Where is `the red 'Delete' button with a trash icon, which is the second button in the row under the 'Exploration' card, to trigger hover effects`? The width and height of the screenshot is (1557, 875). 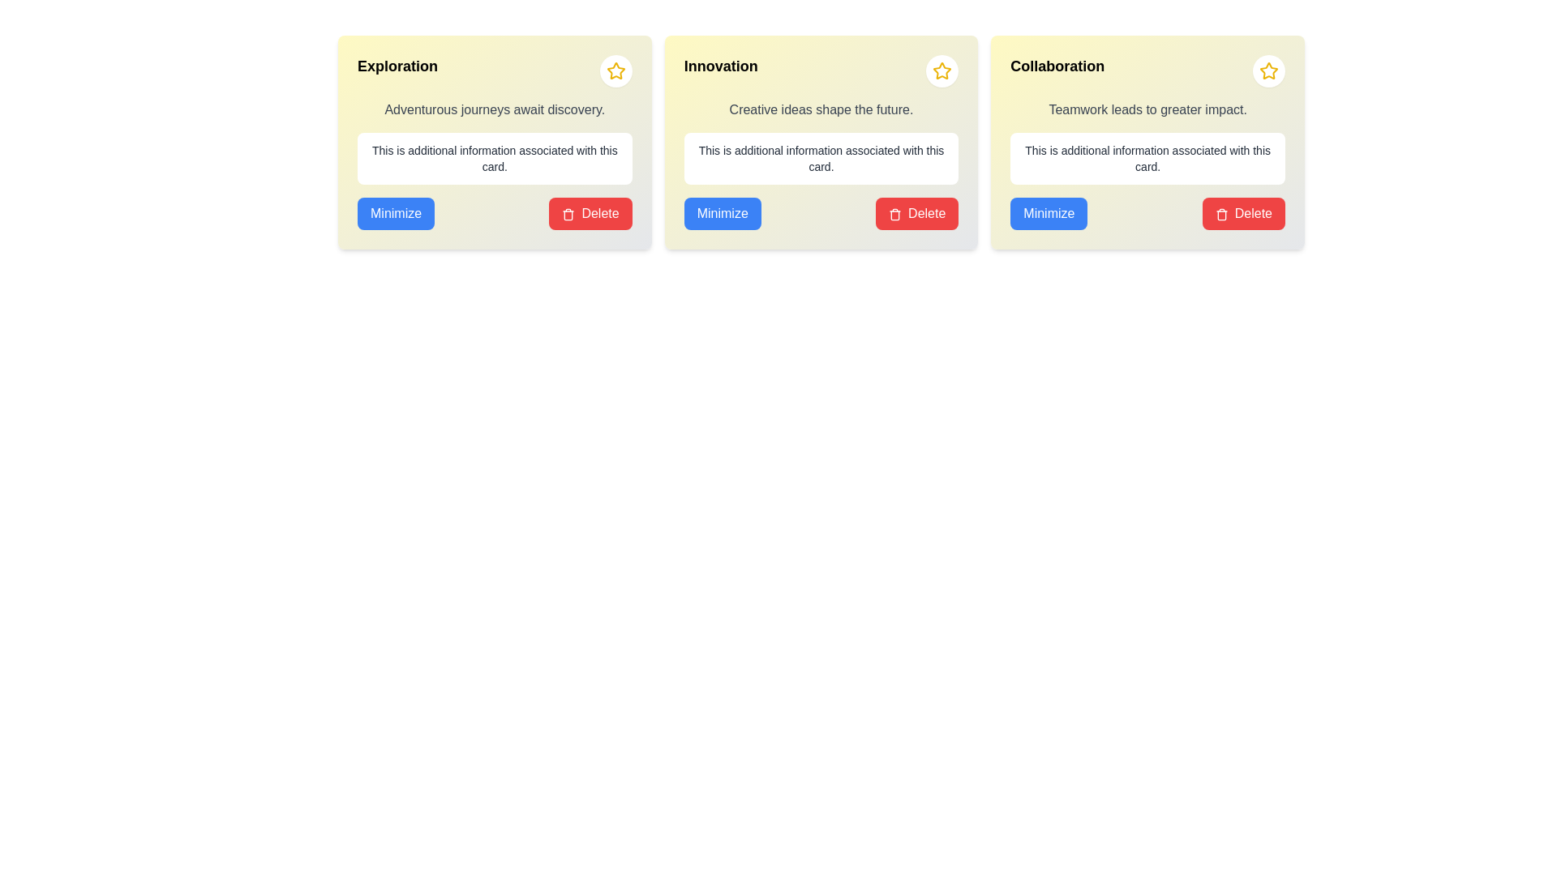
the red 'Delete' button with a trash icon, which is the second button in the row under the 'Exploration' card, to trigger hover effects is located at coordinates (590, 212).